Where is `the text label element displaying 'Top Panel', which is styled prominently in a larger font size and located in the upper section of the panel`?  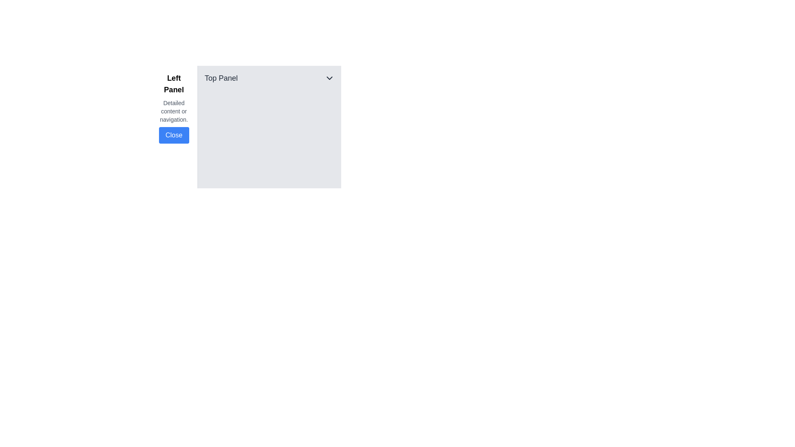
the text label element displaying 'Top Panel', which is styled prominently in a larger font size and located in the upper section of the panel is located at coordinates (221, 78).